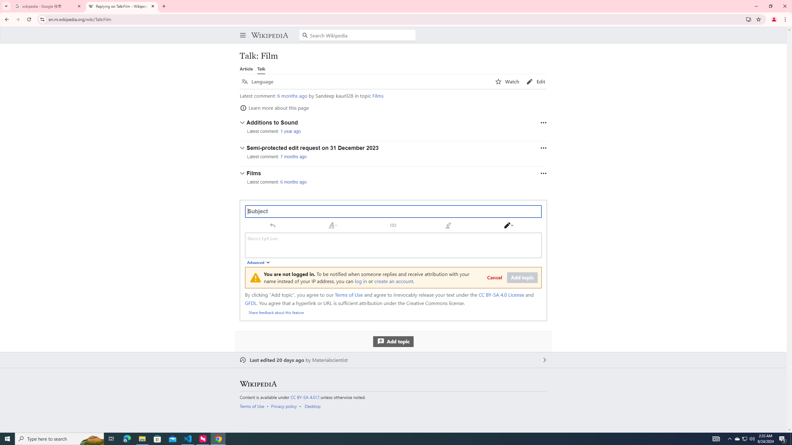  Describe the element at coordinates (294, 156) in the screenshot. I see `'7 months ago'` at that location.